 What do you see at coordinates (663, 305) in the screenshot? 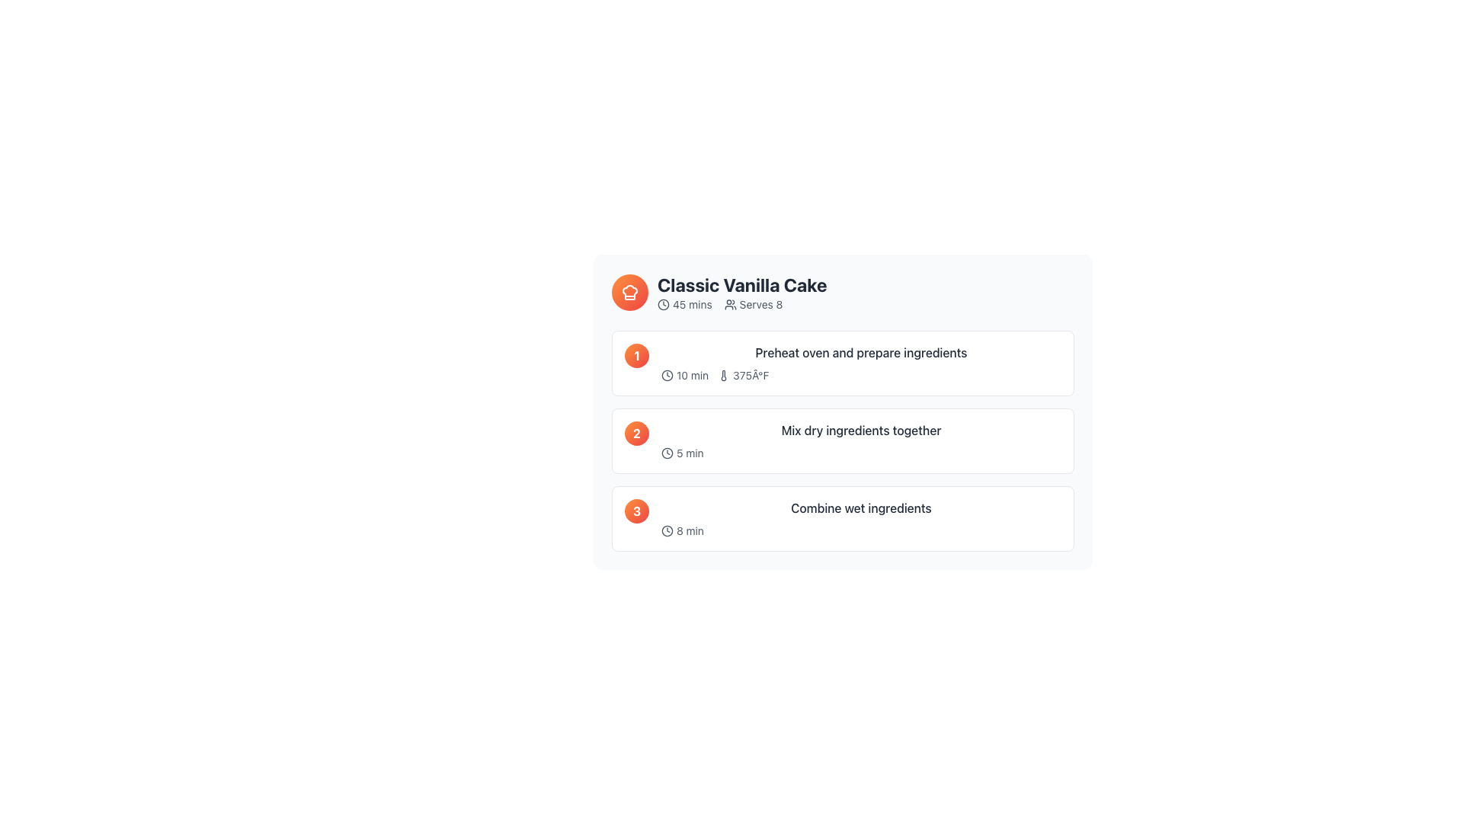
I see `the decorative SVG Circle located next to the '10 min' text in the first step of the 'Classic Vanilla Cake' recipe instructions` at bounding box center [663, 305].